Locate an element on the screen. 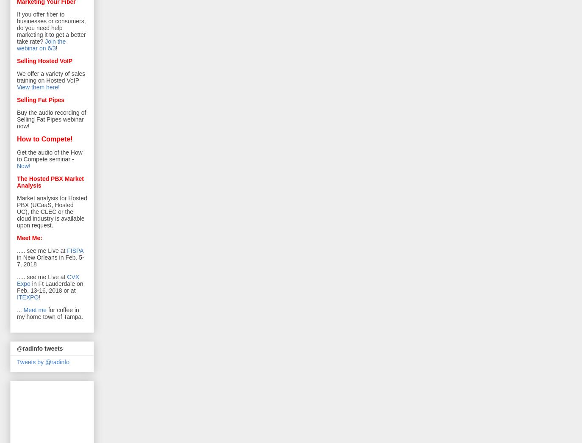 The width and height of the screenshot is (582, 443). 'Selling Fat Pipes' is located at coordinates (16, 99).